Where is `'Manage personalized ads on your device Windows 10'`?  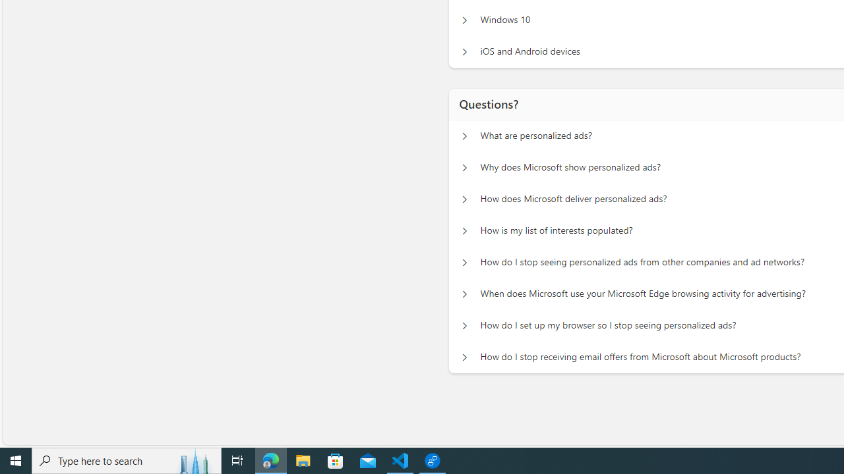
'Manage personalized ads on your device Windows 10' is located at coordinates (464, 20).